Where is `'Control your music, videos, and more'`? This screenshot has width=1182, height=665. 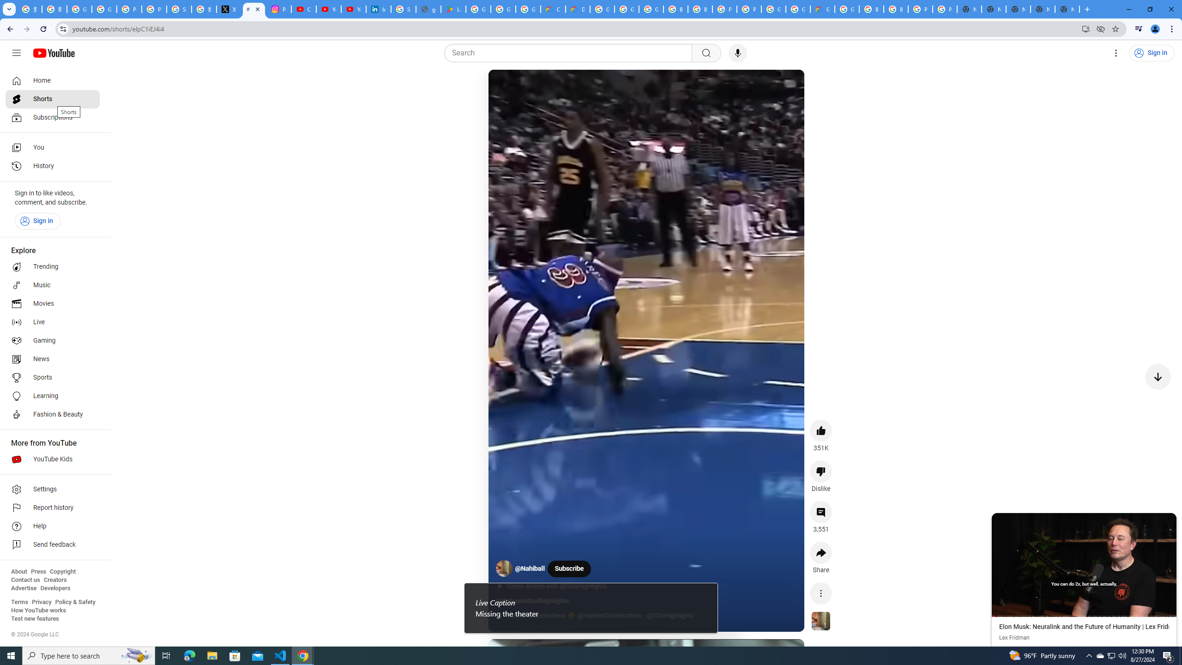
'Control your music, videos, and more' is located at coordinates (1139, 29).